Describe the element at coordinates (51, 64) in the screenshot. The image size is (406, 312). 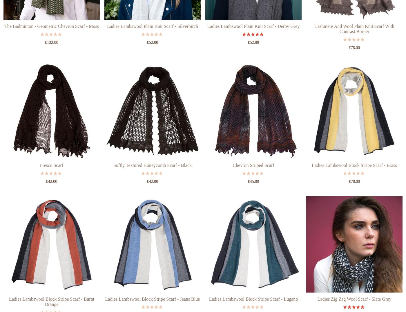
I see `'£132.00'` at that location.